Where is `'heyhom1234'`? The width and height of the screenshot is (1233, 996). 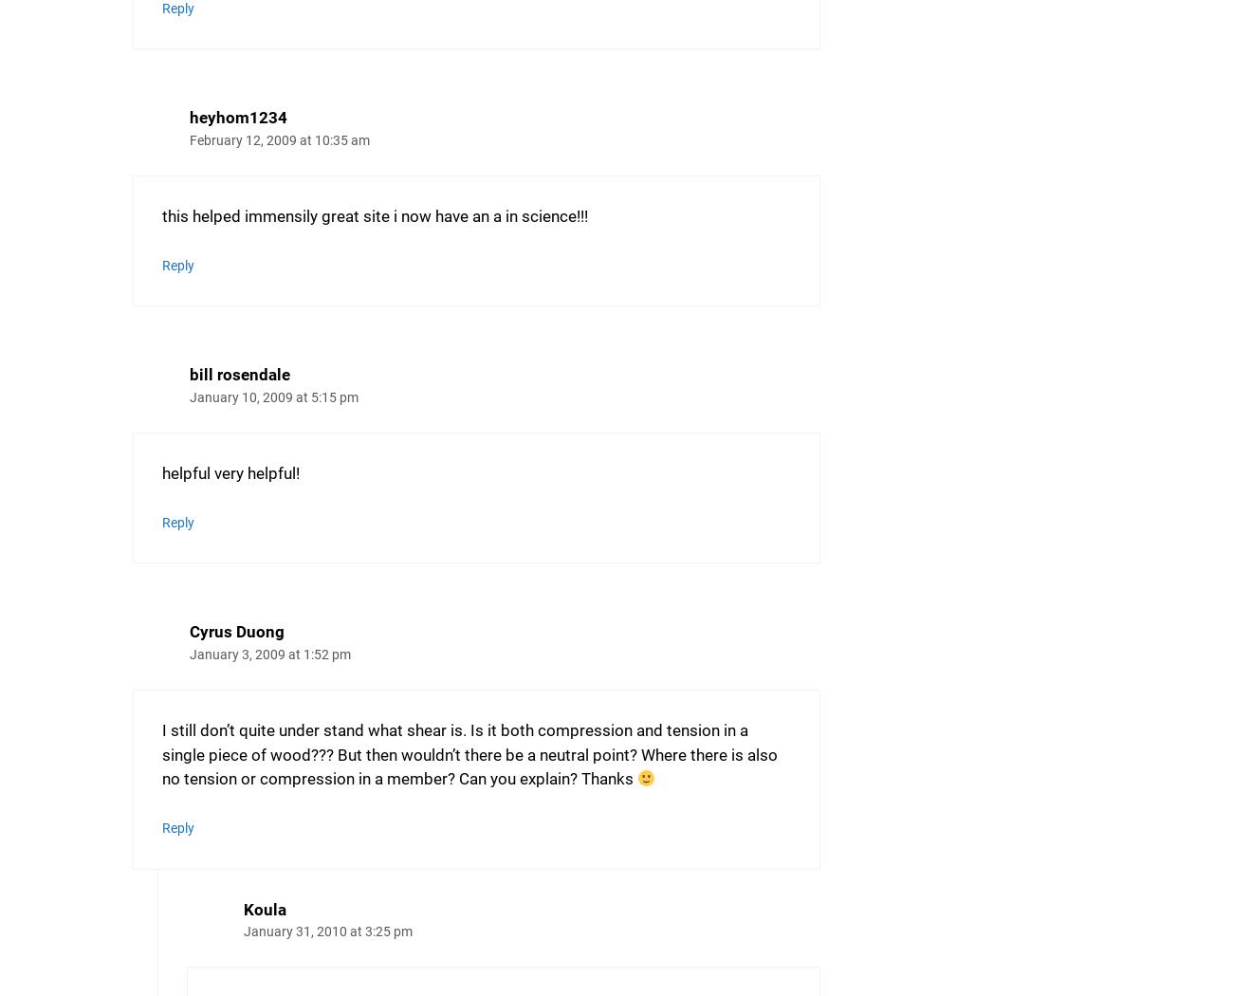 'heyhom1234' is located at coordinates (237, 117).